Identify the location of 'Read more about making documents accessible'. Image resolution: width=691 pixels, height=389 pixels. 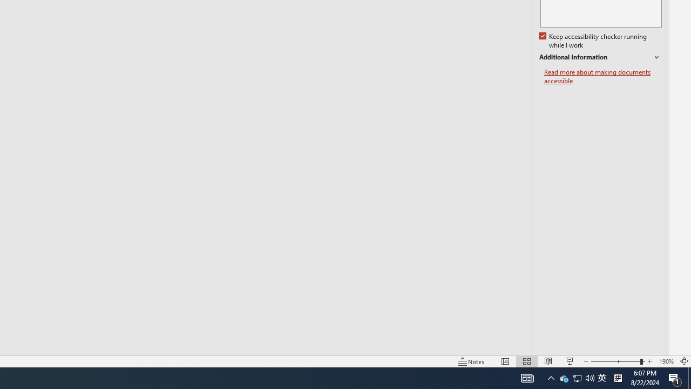
(602, 76).